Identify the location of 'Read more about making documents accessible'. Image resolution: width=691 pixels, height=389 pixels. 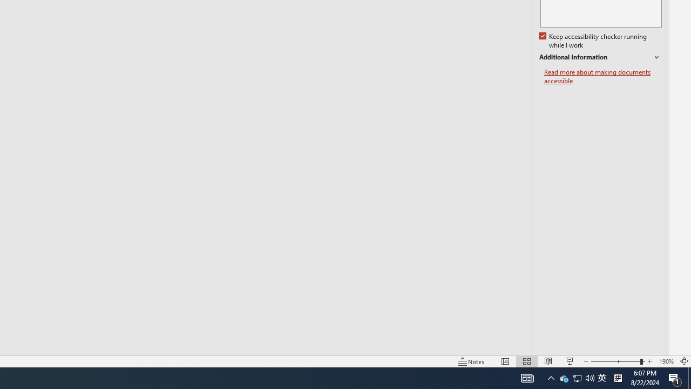
(602, 76).